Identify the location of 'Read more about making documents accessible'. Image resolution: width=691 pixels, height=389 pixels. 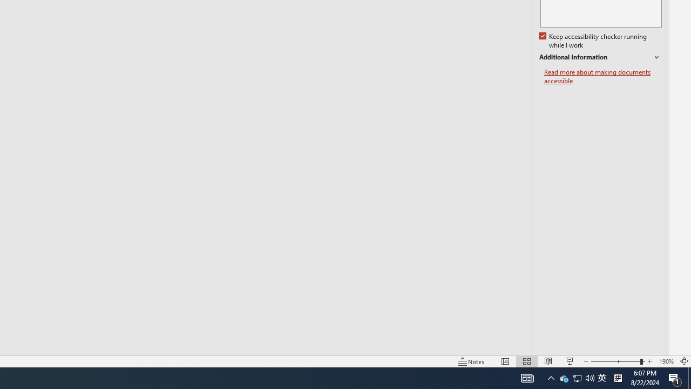
(602, 76).